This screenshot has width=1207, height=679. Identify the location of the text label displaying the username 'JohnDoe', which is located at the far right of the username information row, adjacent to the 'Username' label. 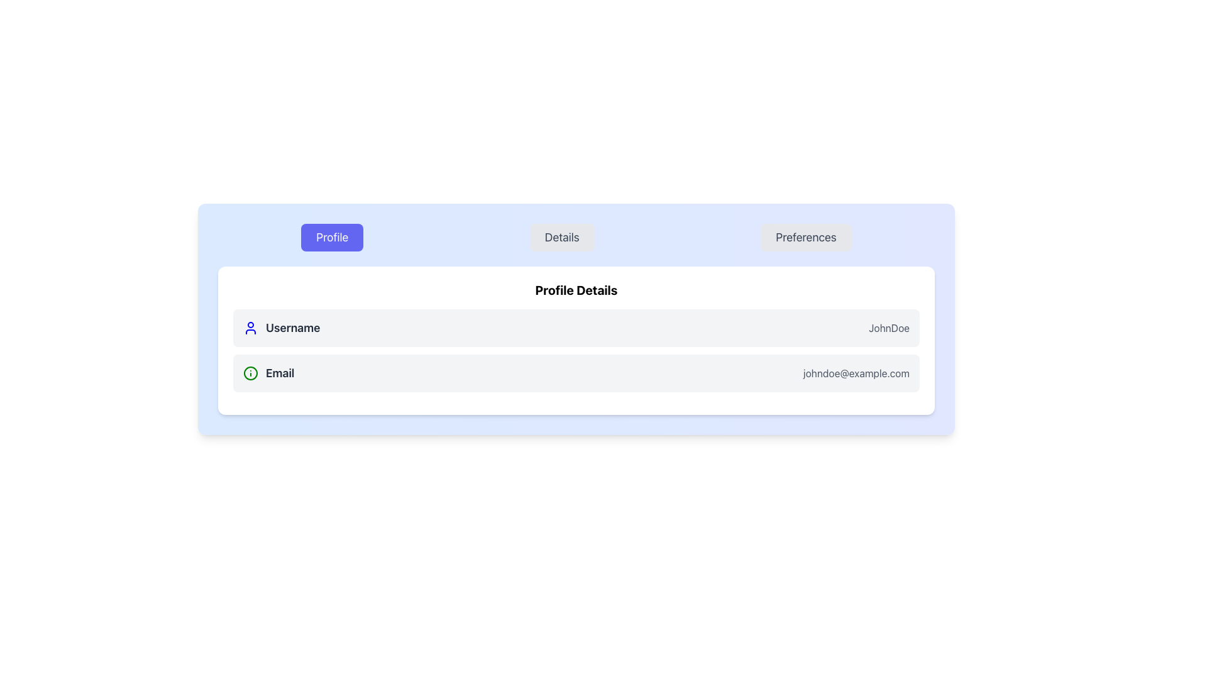
(888, 327).